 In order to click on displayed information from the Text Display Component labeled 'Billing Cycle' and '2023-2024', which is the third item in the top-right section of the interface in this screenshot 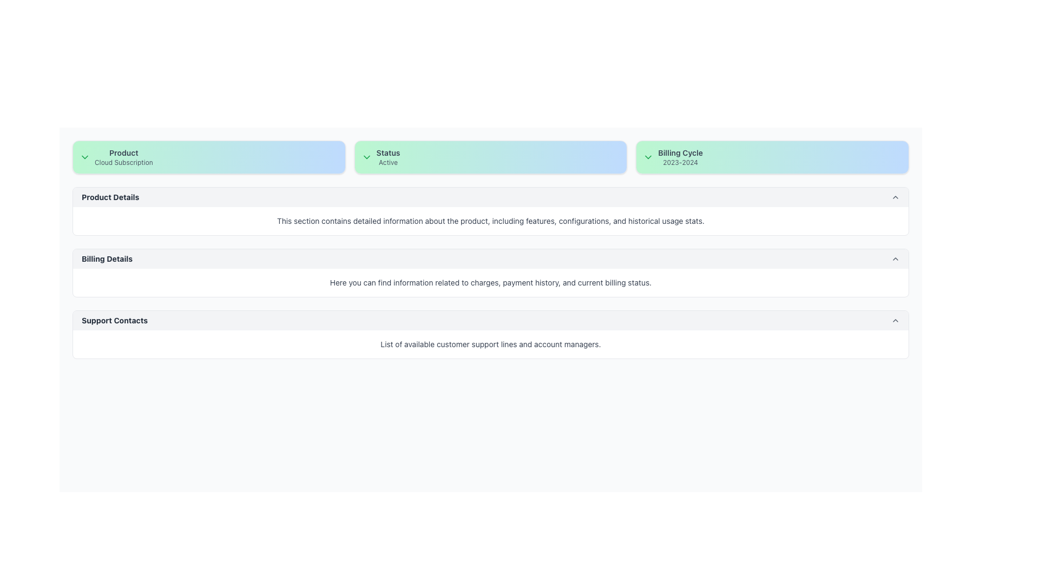, I will do `click(680, 157)`.